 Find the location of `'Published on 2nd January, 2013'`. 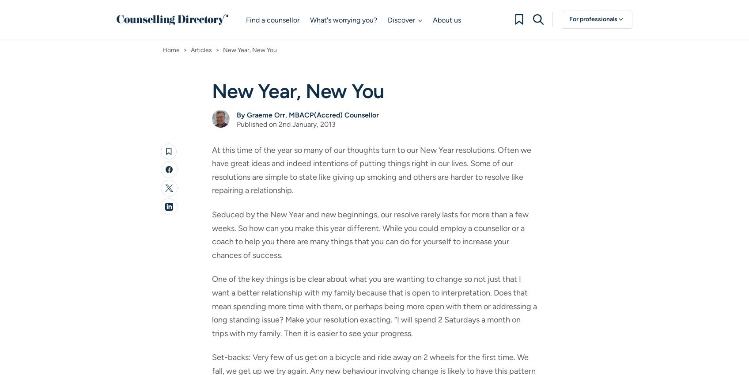

'Published on 2nd January, 2013' is located at coordinates (286, 124).